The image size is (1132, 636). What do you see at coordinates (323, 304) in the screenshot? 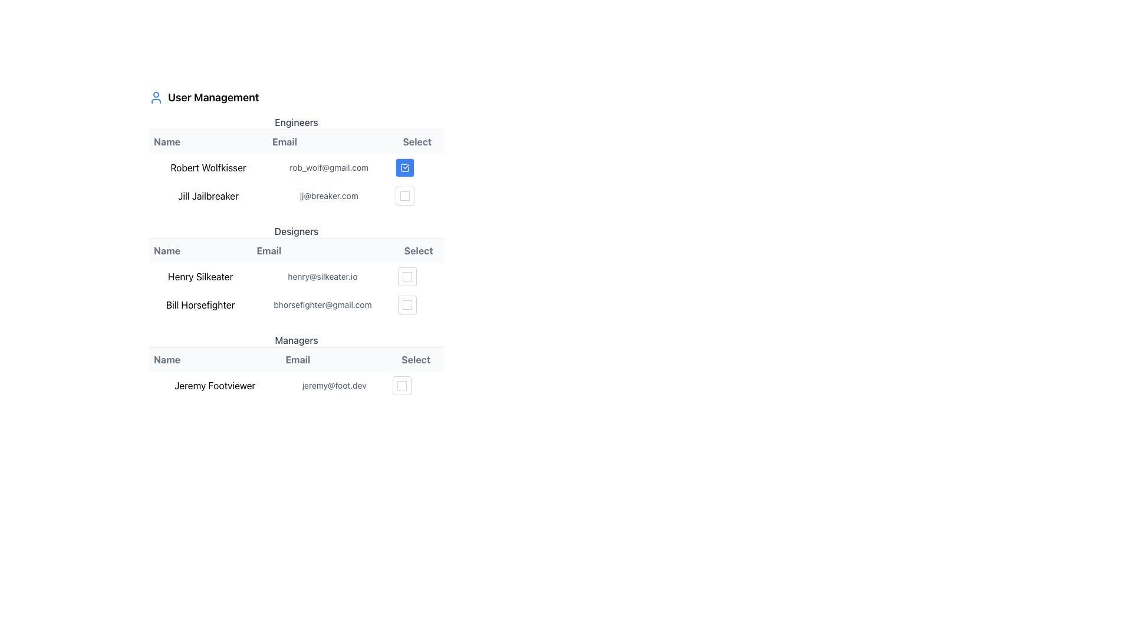
I see `the non-interactive text display showing the email address for user 'Bill Horsefighter' located in the 'Email' column of the 'Designers' section within the 'User Management' interface` at bounding box center [323, 304].